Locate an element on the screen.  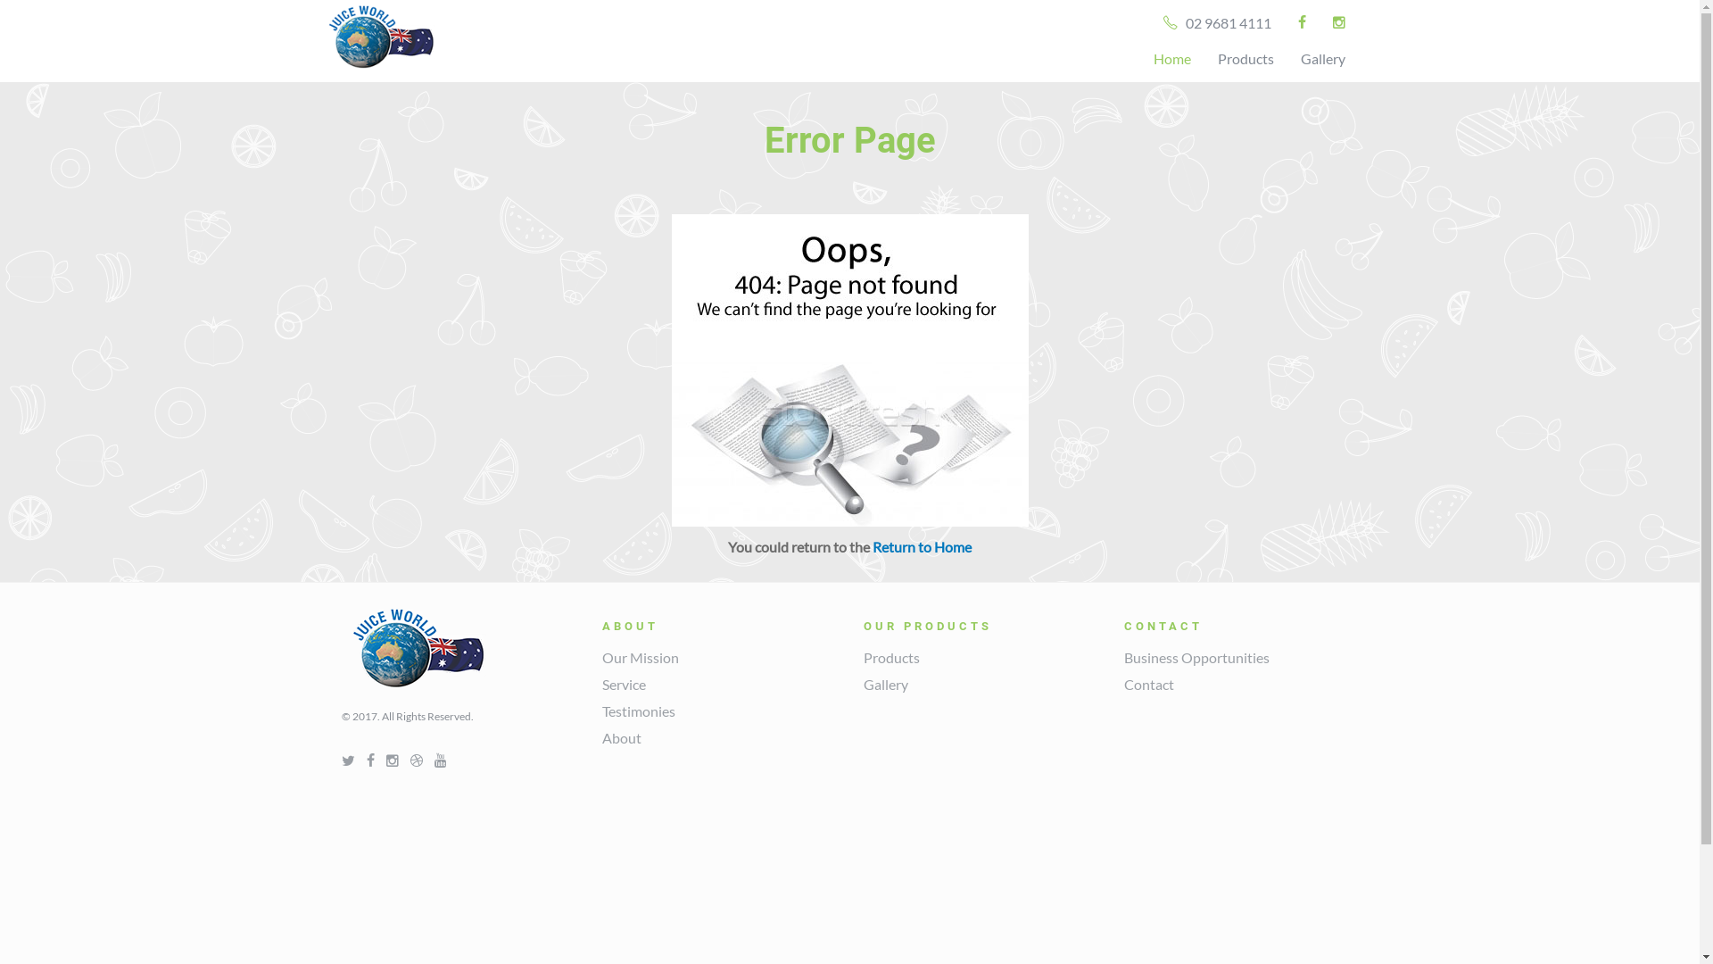
'Return to Home' is located at coordinates (922, 545).